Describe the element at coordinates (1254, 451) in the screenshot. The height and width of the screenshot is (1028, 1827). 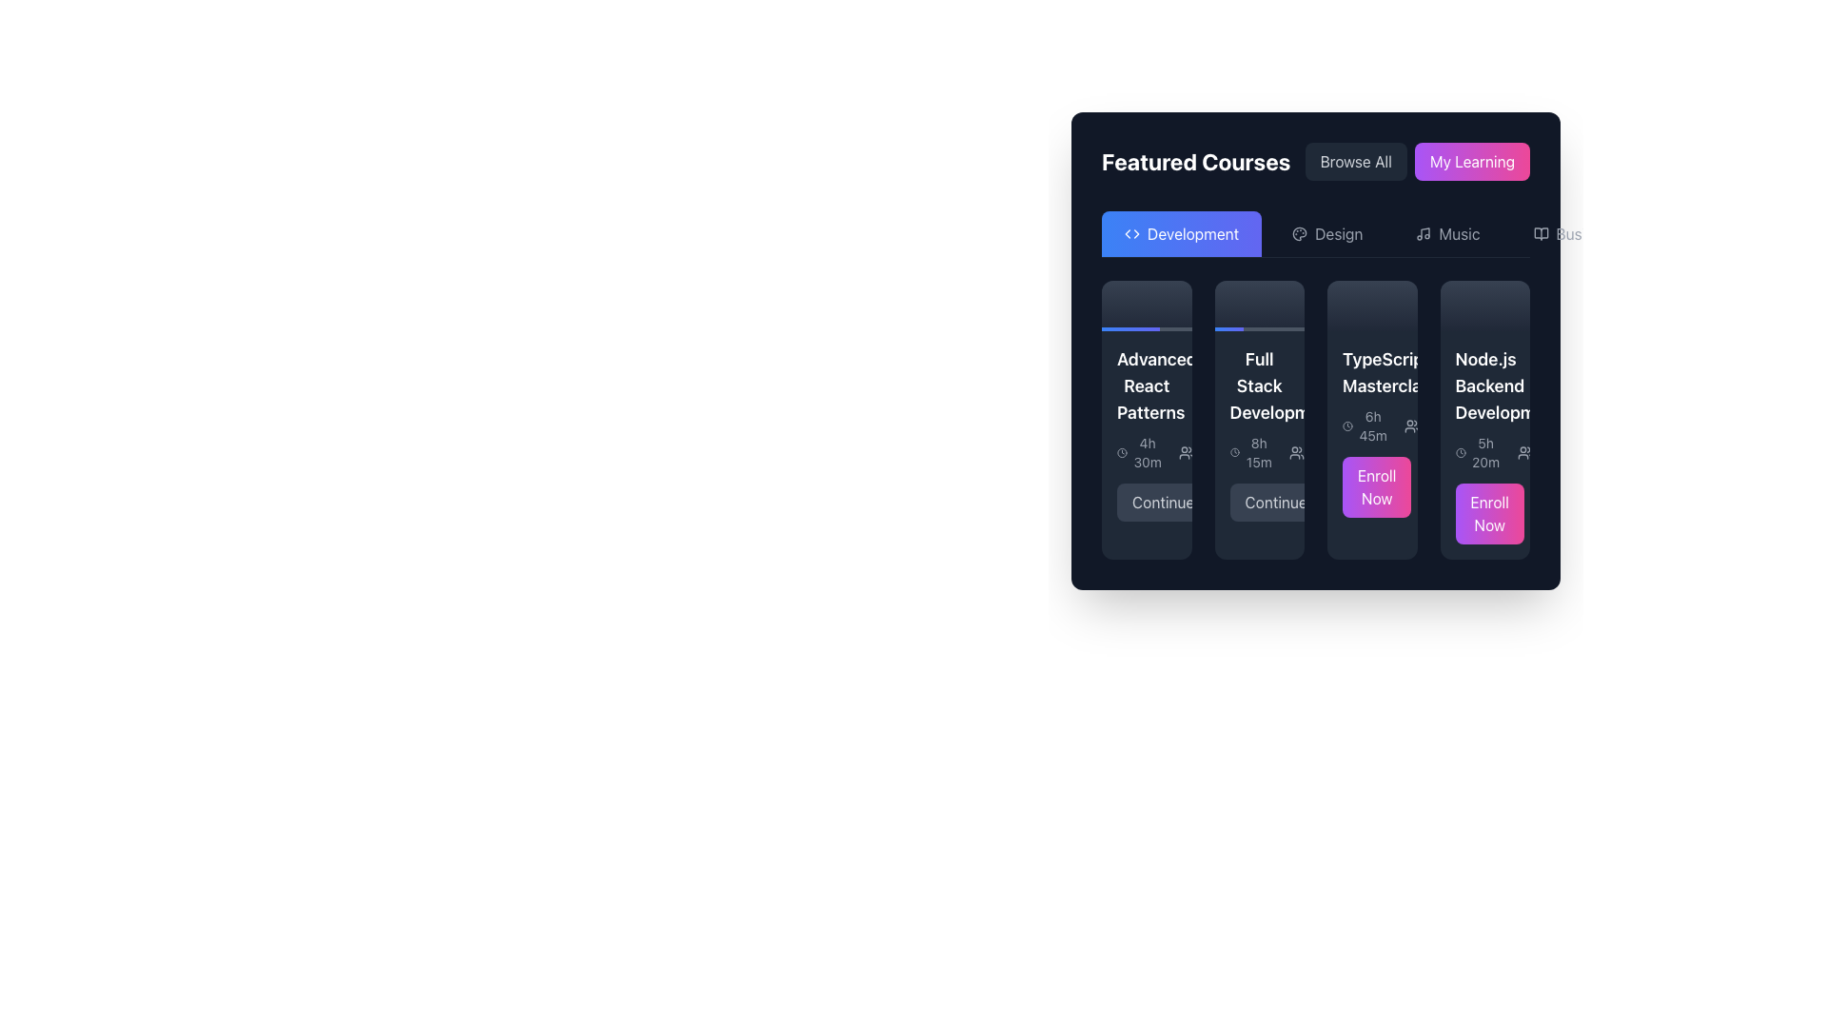
I see `the star SVG icon in the 'Featured Courses' section under the 'Full Stack Development' card` at that location.